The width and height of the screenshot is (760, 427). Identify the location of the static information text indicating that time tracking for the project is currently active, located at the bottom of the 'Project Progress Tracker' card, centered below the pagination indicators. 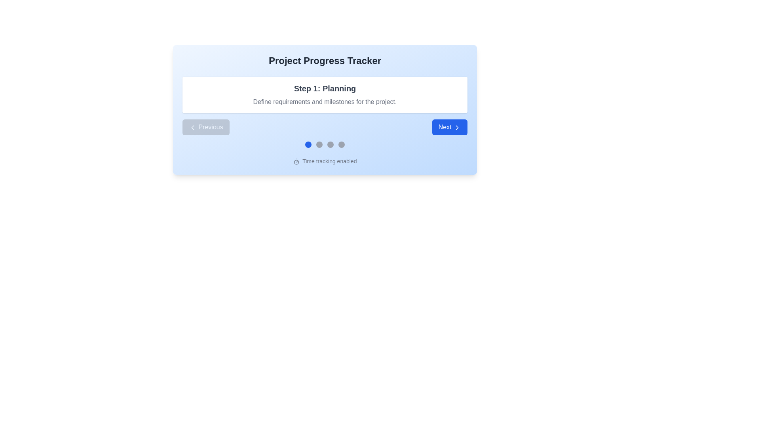
(325, 161).